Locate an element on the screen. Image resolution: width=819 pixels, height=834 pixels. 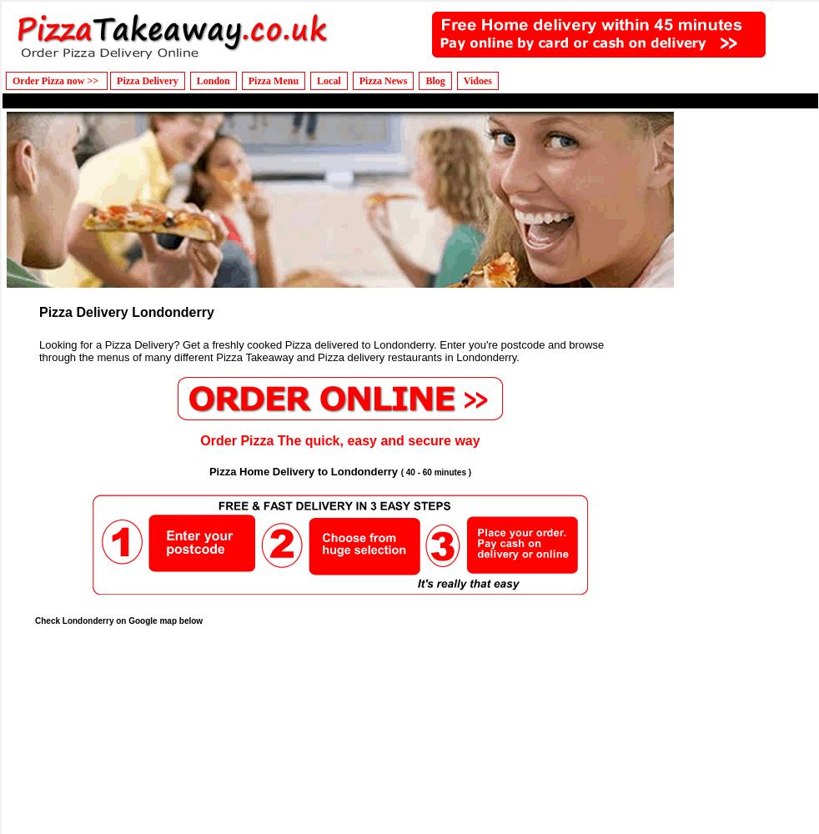
'Order Pizza now >>' is located at coordinates (55, 80).